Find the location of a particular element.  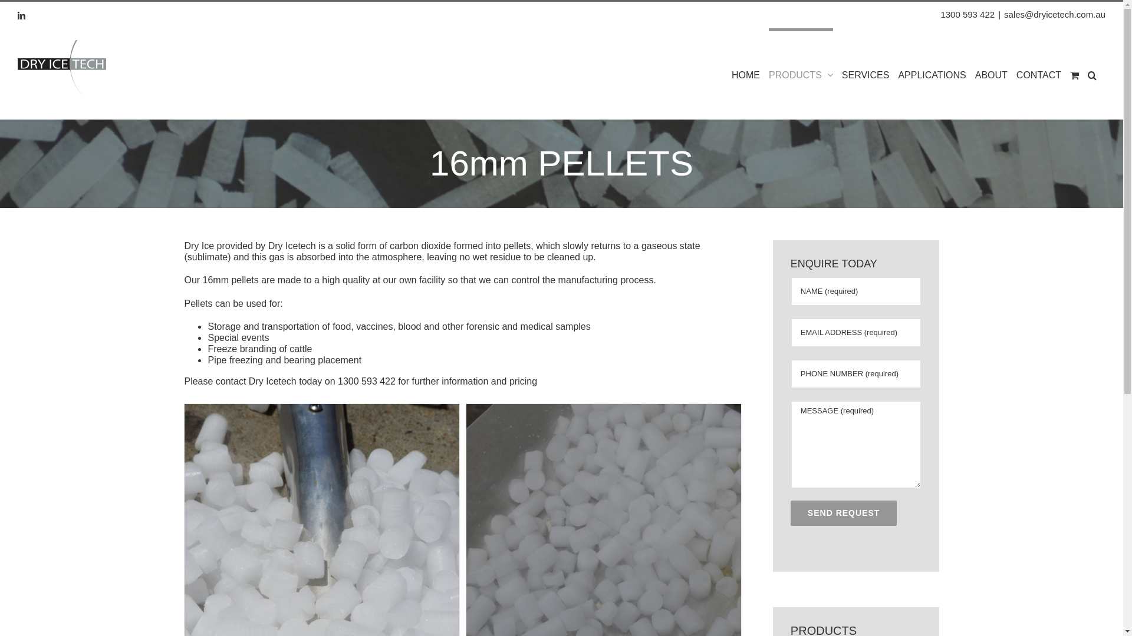

'HOME' is located at coordinates (731, 73).